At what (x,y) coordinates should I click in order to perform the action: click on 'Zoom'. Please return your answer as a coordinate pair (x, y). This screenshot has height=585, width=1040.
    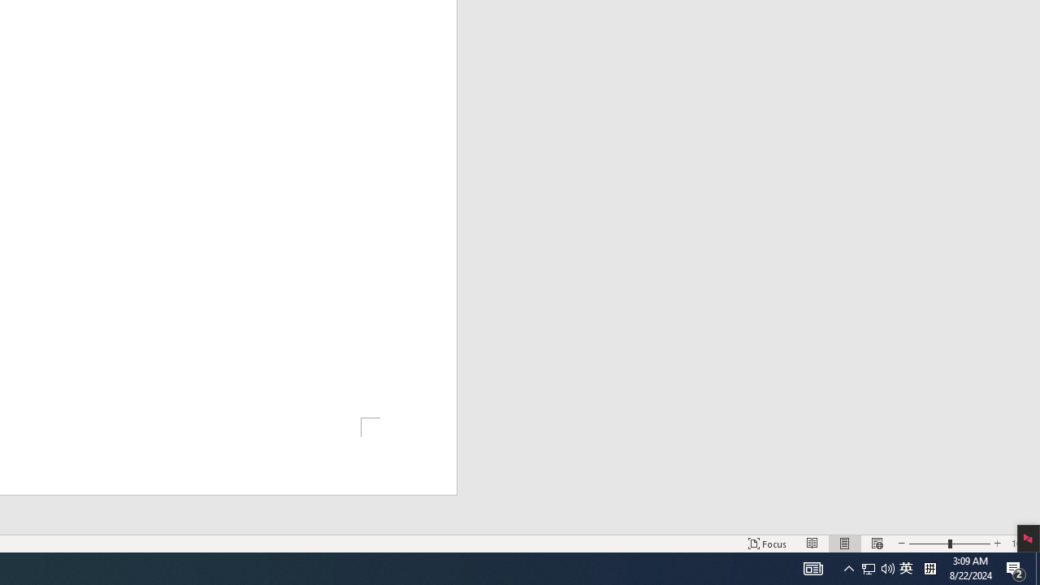
    Looking at the image, I should click on (949, 544).